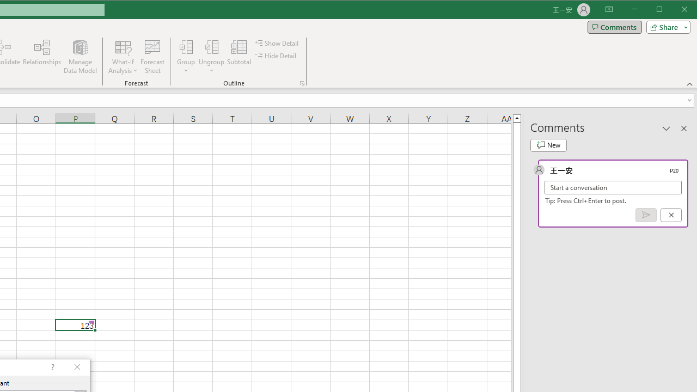 The width and height of the screenshot is (697, 392). I want to click on 'New comment', so click(548, 145).